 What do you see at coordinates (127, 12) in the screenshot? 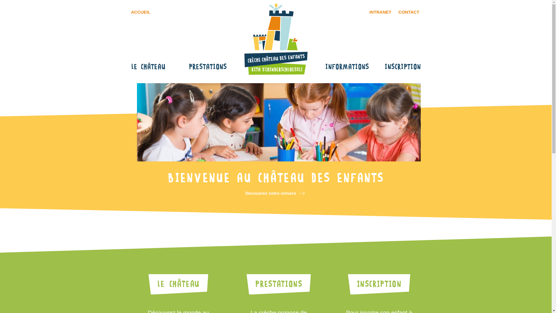
I see `'ACCUEIL'` at bounding box center [127, 12].